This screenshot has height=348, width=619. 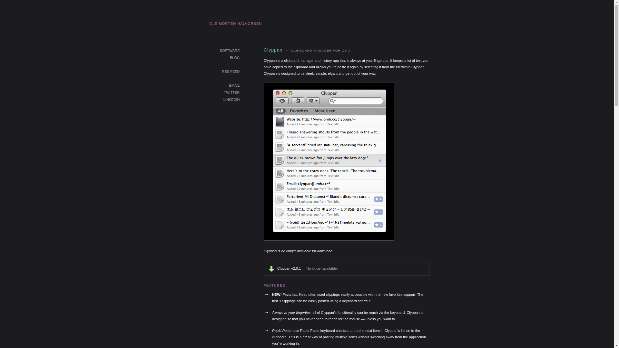 What do you see at coordinates (235, 23) in the screenshot?
I see `'OLE MORTEN HALVORSEN'` at bounding box center [235, 23].